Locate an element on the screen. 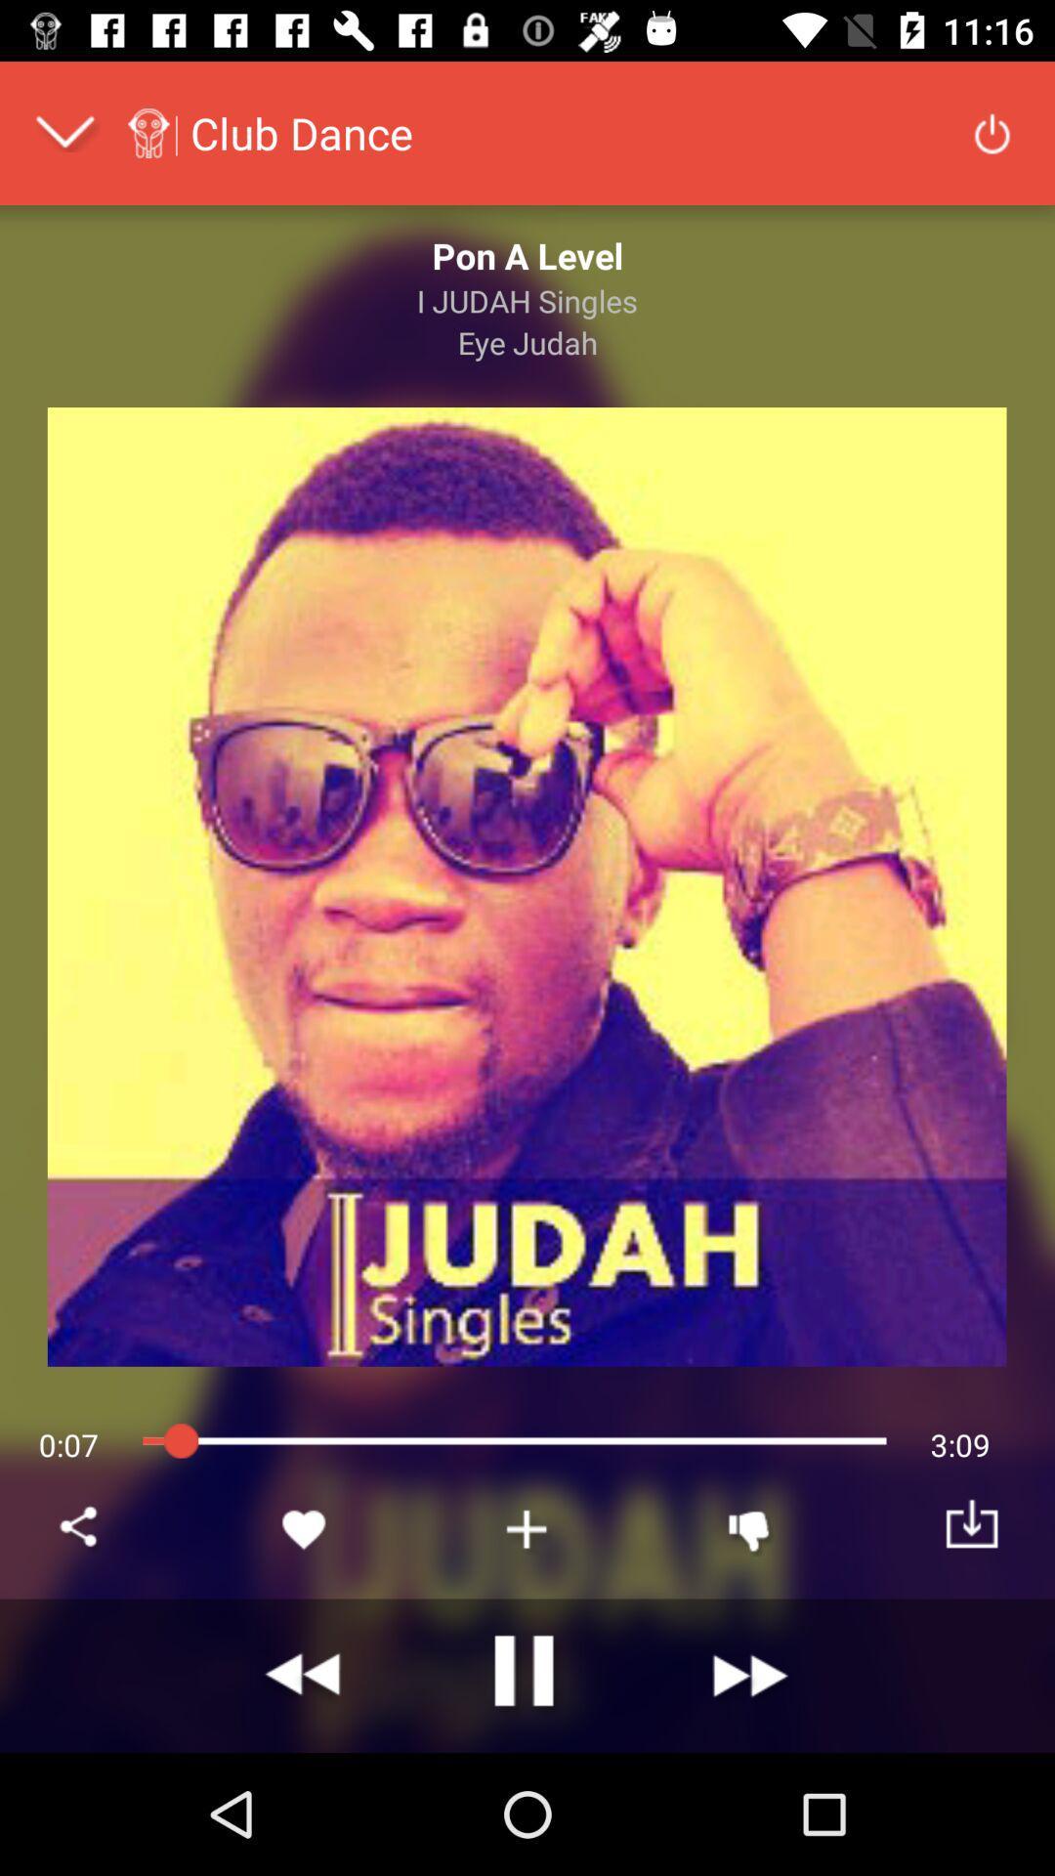 This screenshot has height=1876, width=1055. rewind is located at coordinates (305, 1675).